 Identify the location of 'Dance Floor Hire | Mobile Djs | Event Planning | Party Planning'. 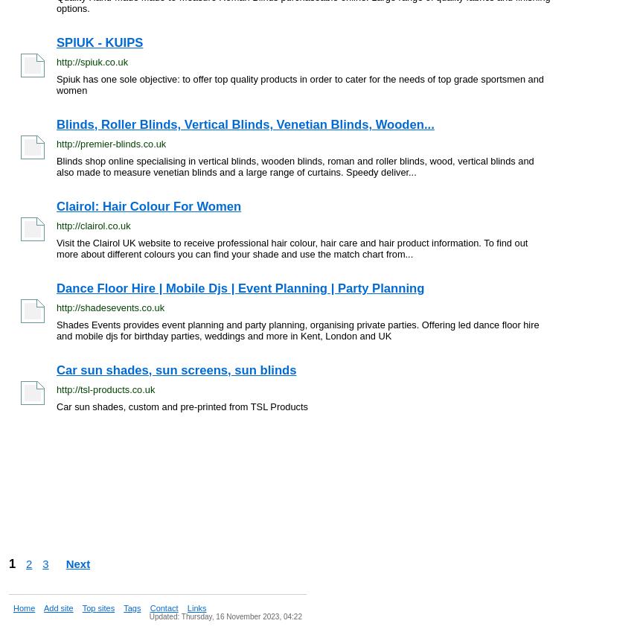
(240, 287).